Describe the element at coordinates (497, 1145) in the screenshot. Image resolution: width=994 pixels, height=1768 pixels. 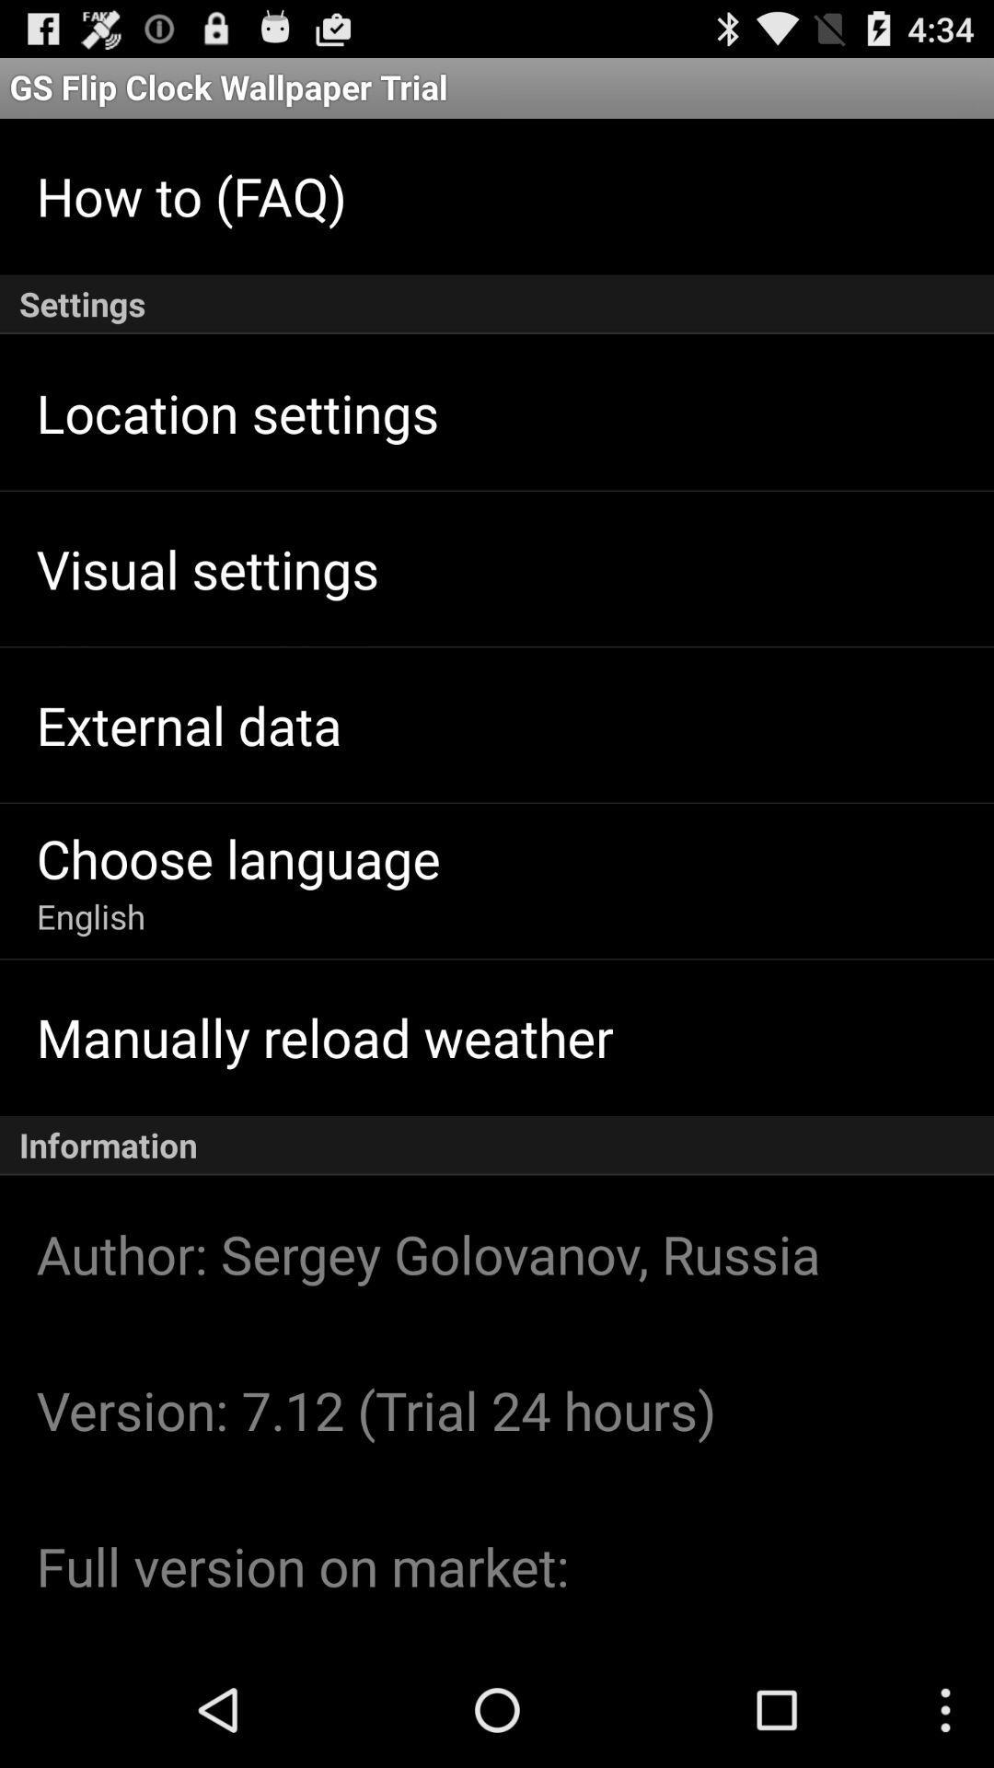
I see `information app` at that location.